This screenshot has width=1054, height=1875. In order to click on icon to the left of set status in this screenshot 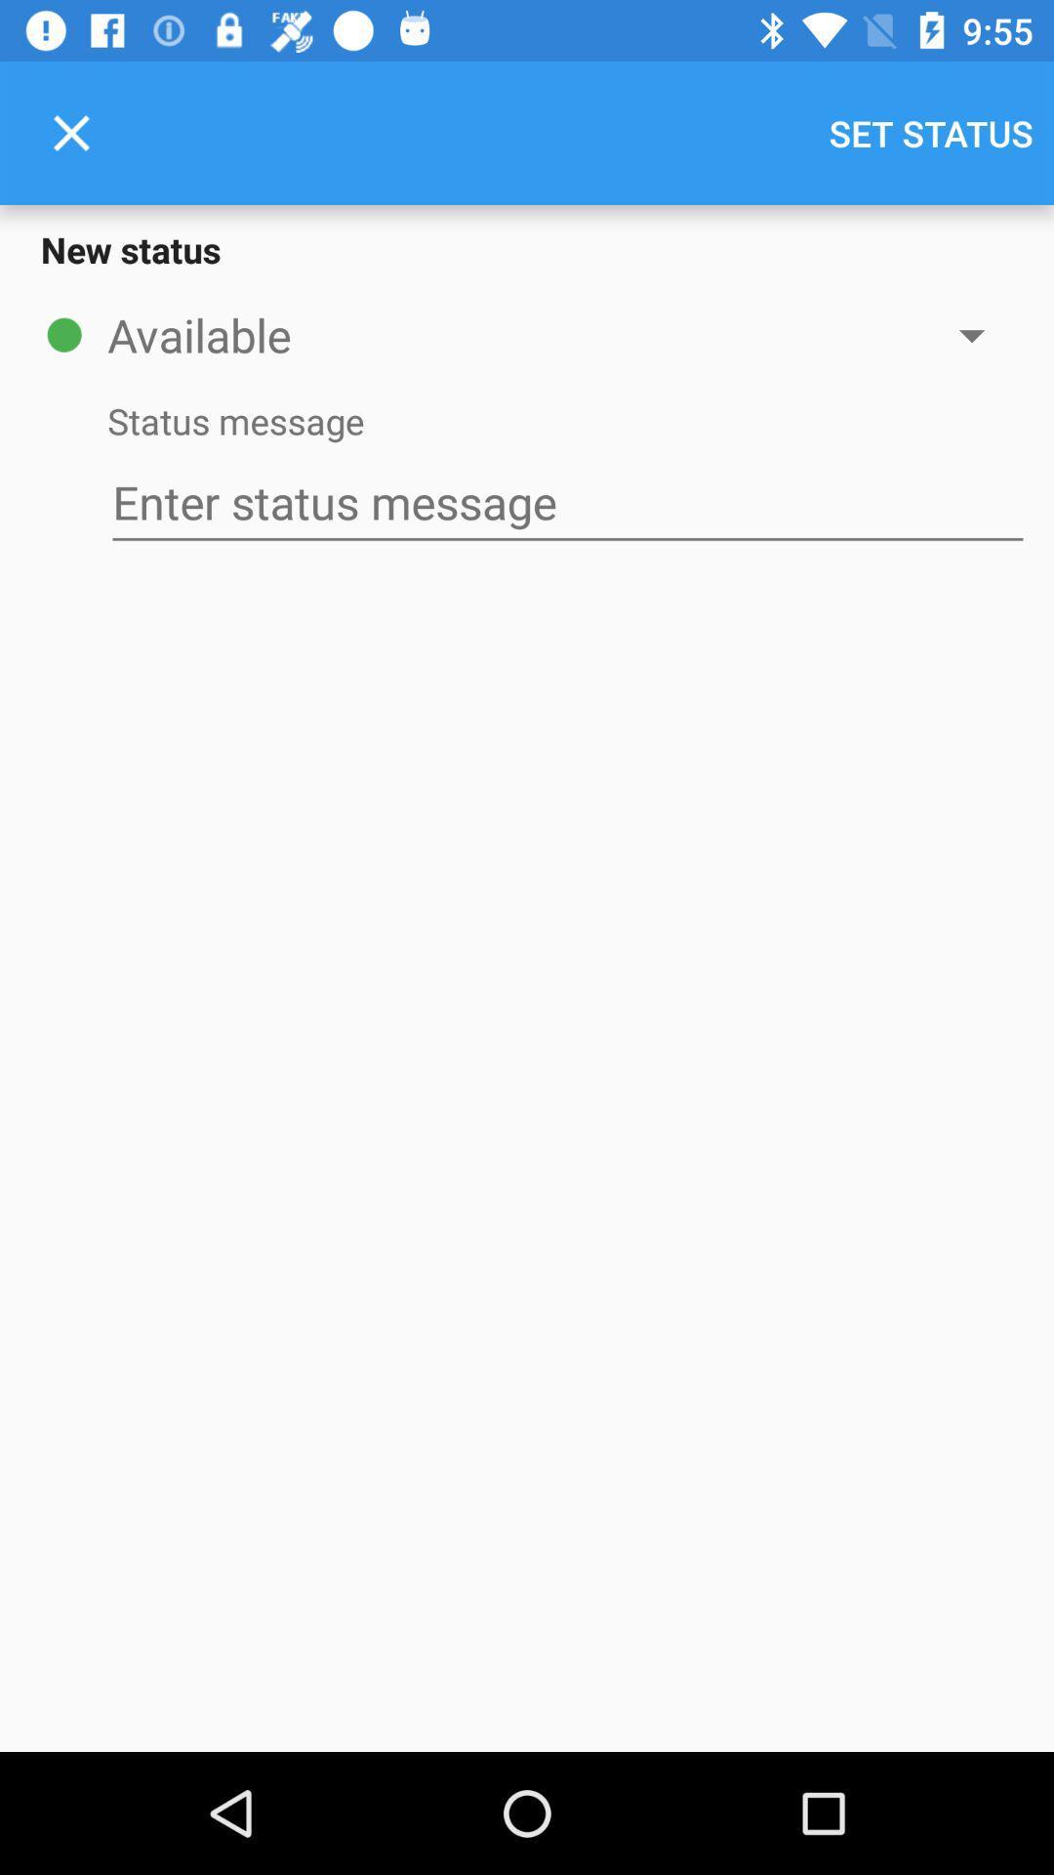, I will do `click(70, 132)`.